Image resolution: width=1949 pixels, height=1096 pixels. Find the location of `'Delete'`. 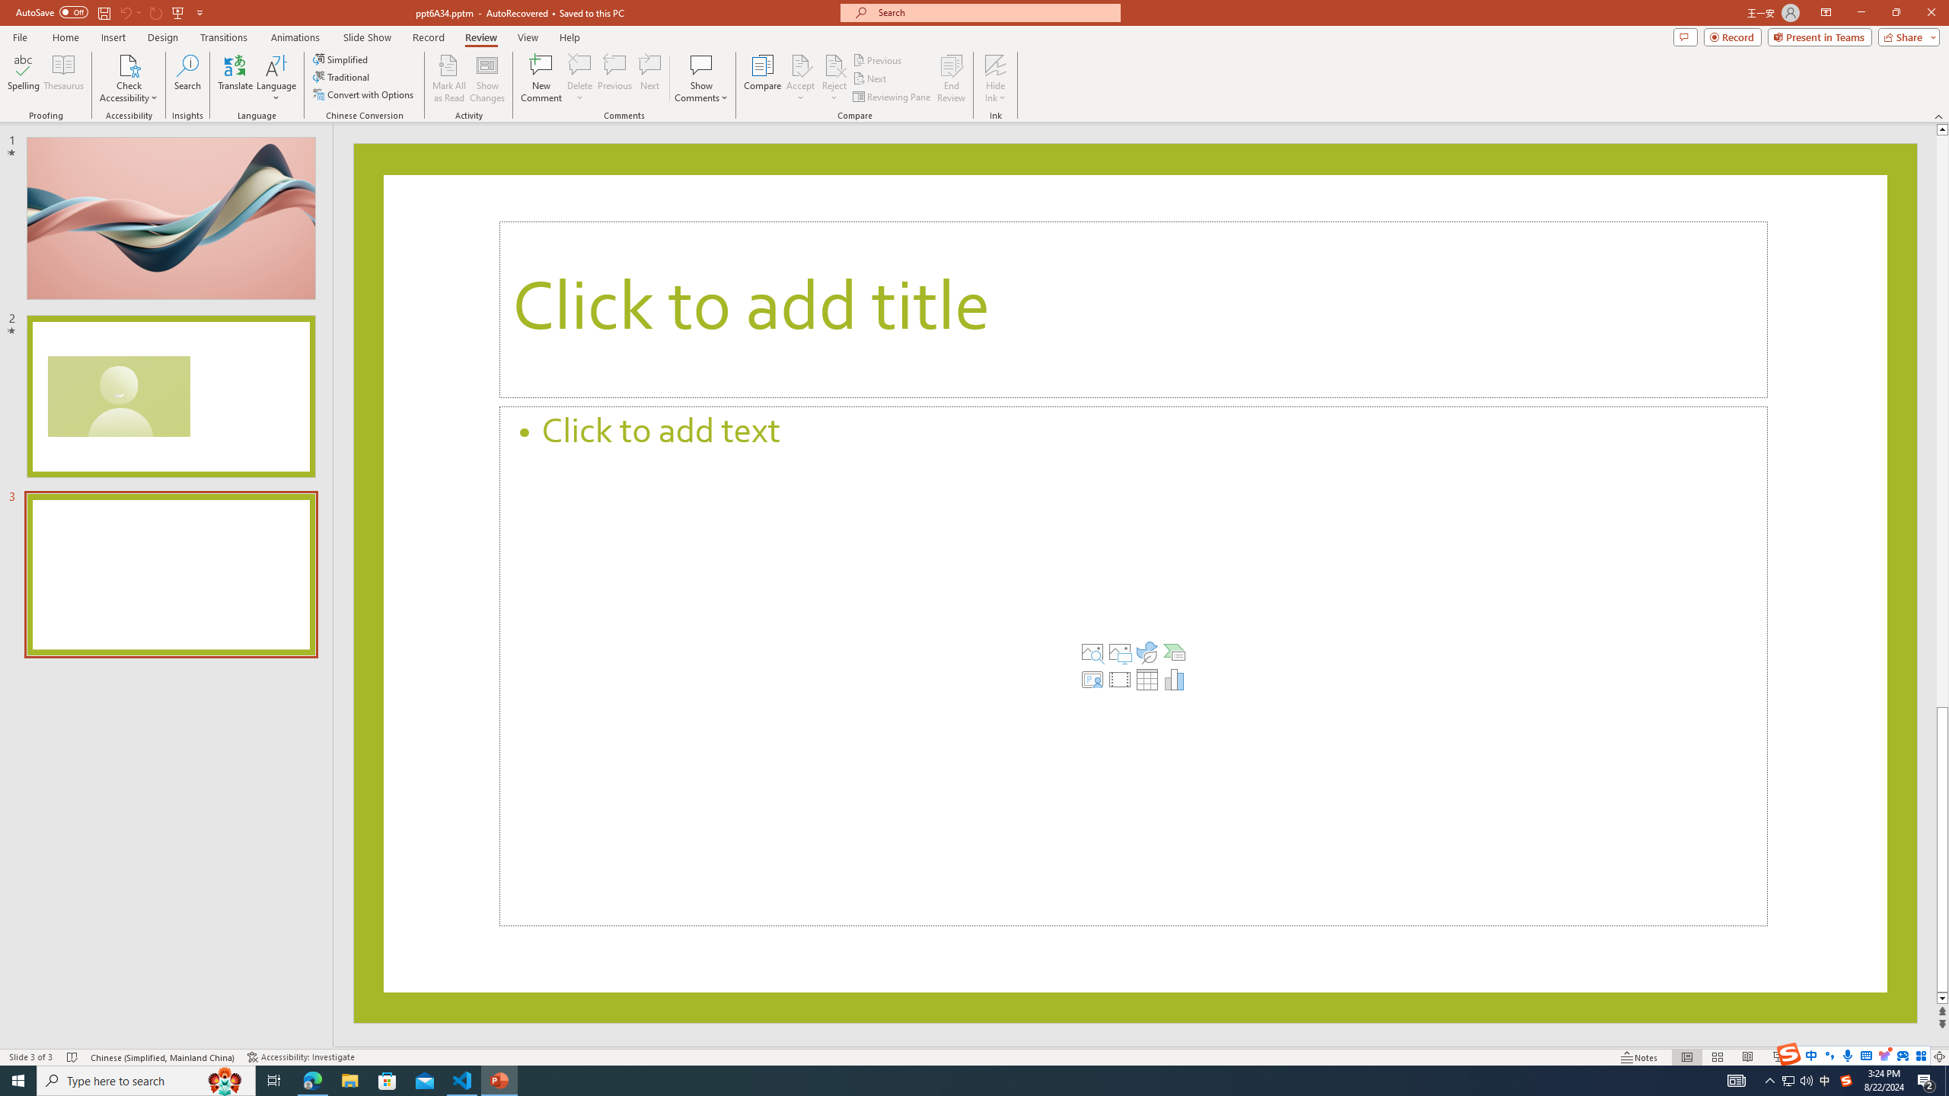

'Delete' is located at coordinates (579, 64).